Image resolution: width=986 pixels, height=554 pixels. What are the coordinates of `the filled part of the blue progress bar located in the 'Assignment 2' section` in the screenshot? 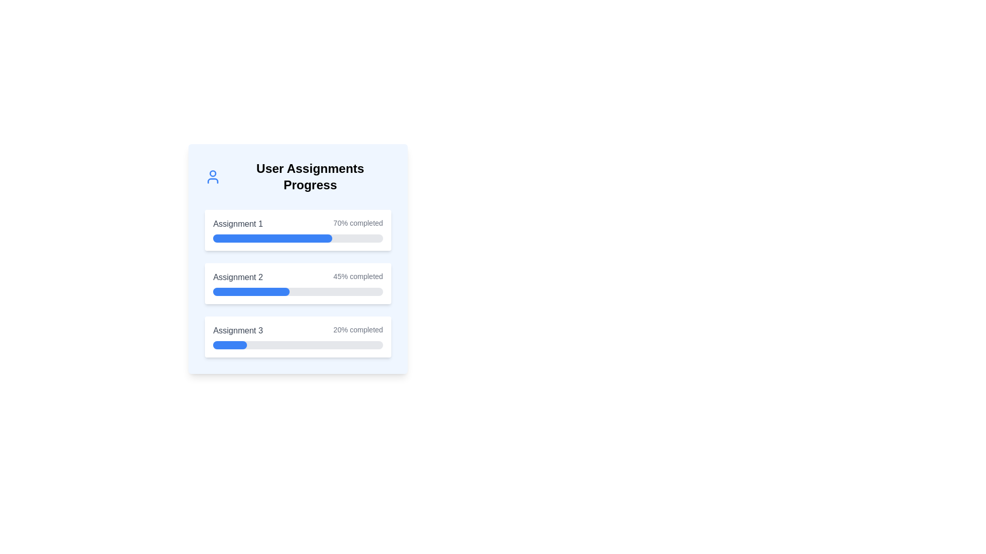 It's located at (251, 292).